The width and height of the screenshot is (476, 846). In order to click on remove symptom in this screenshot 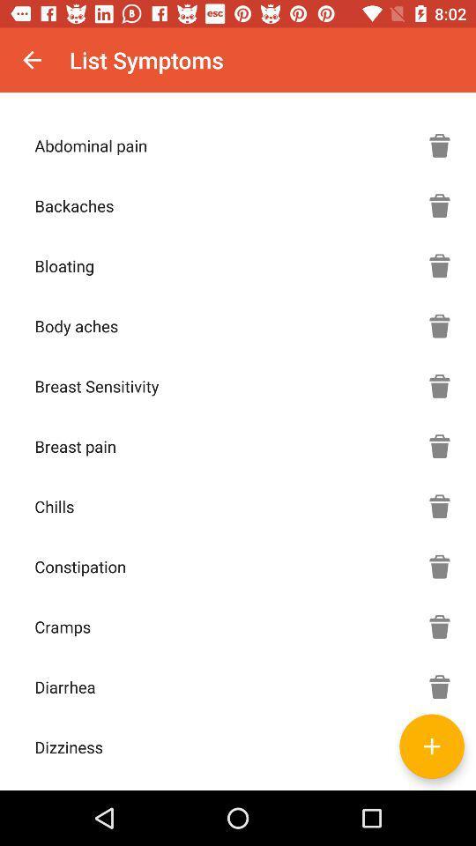, I will do `click(439, 205)`.